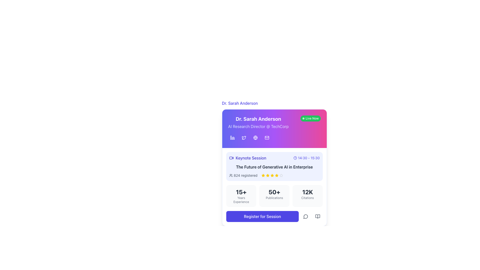 The width and height of the screenshot is (480, 270). I want to click on the Rating display component located centrally below '824 registered' and above session statistics (15+, 50+, 12K) in the card's details section, so click(272, 175).